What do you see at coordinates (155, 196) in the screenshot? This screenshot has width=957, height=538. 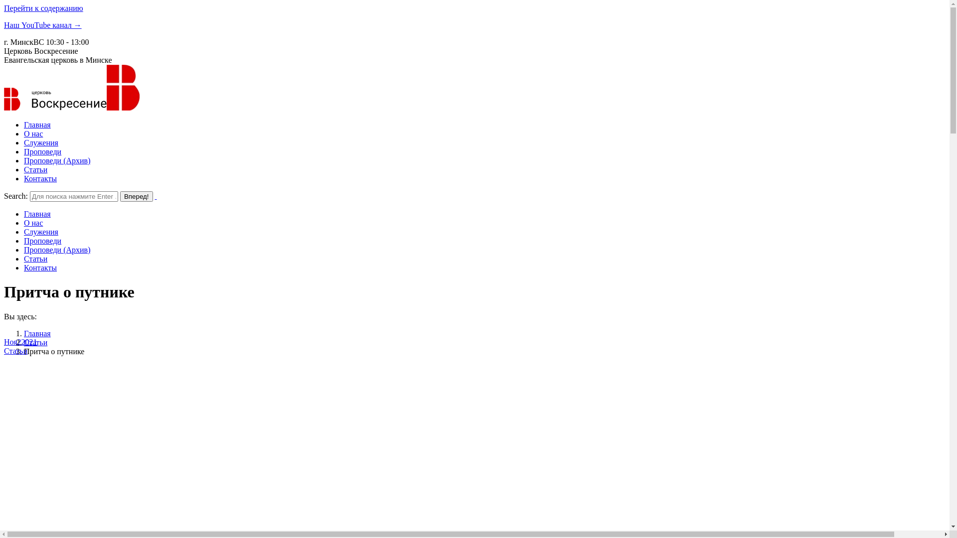 I see `' '` at bounding box center [155, 196].